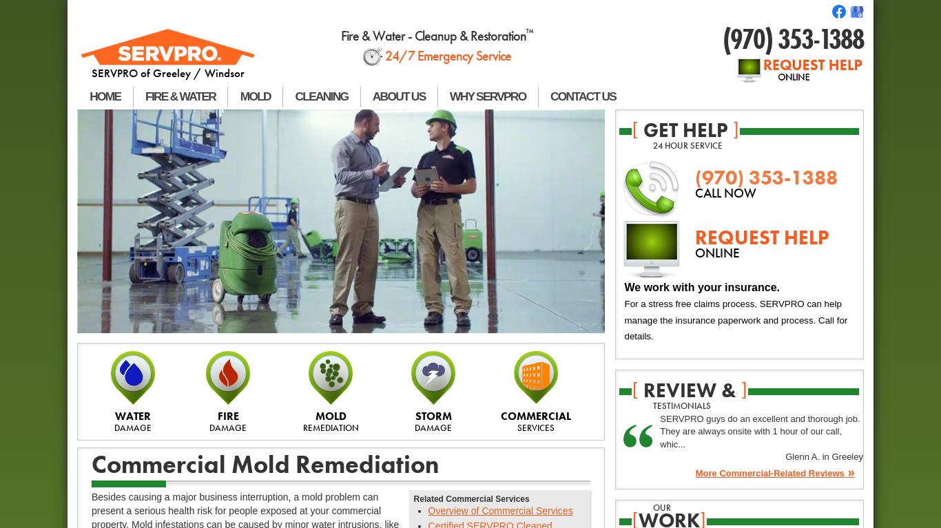 This screenshot has width=941, height=528. What do you see at coordinates (321, 96) in the screenshot?
I see `'CLEANING'` at bounding box center [321, 96].